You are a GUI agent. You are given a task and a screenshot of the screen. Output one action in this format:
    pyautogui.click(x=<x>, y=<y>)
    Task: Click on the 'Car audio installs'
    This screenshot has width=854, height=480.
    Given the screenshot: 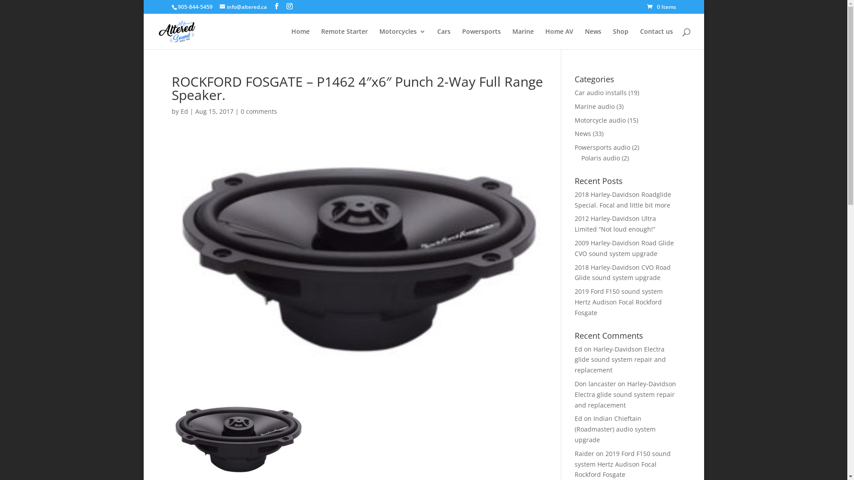 What is the action you would take?
    pyautogui.click(x=600, y=92)
    